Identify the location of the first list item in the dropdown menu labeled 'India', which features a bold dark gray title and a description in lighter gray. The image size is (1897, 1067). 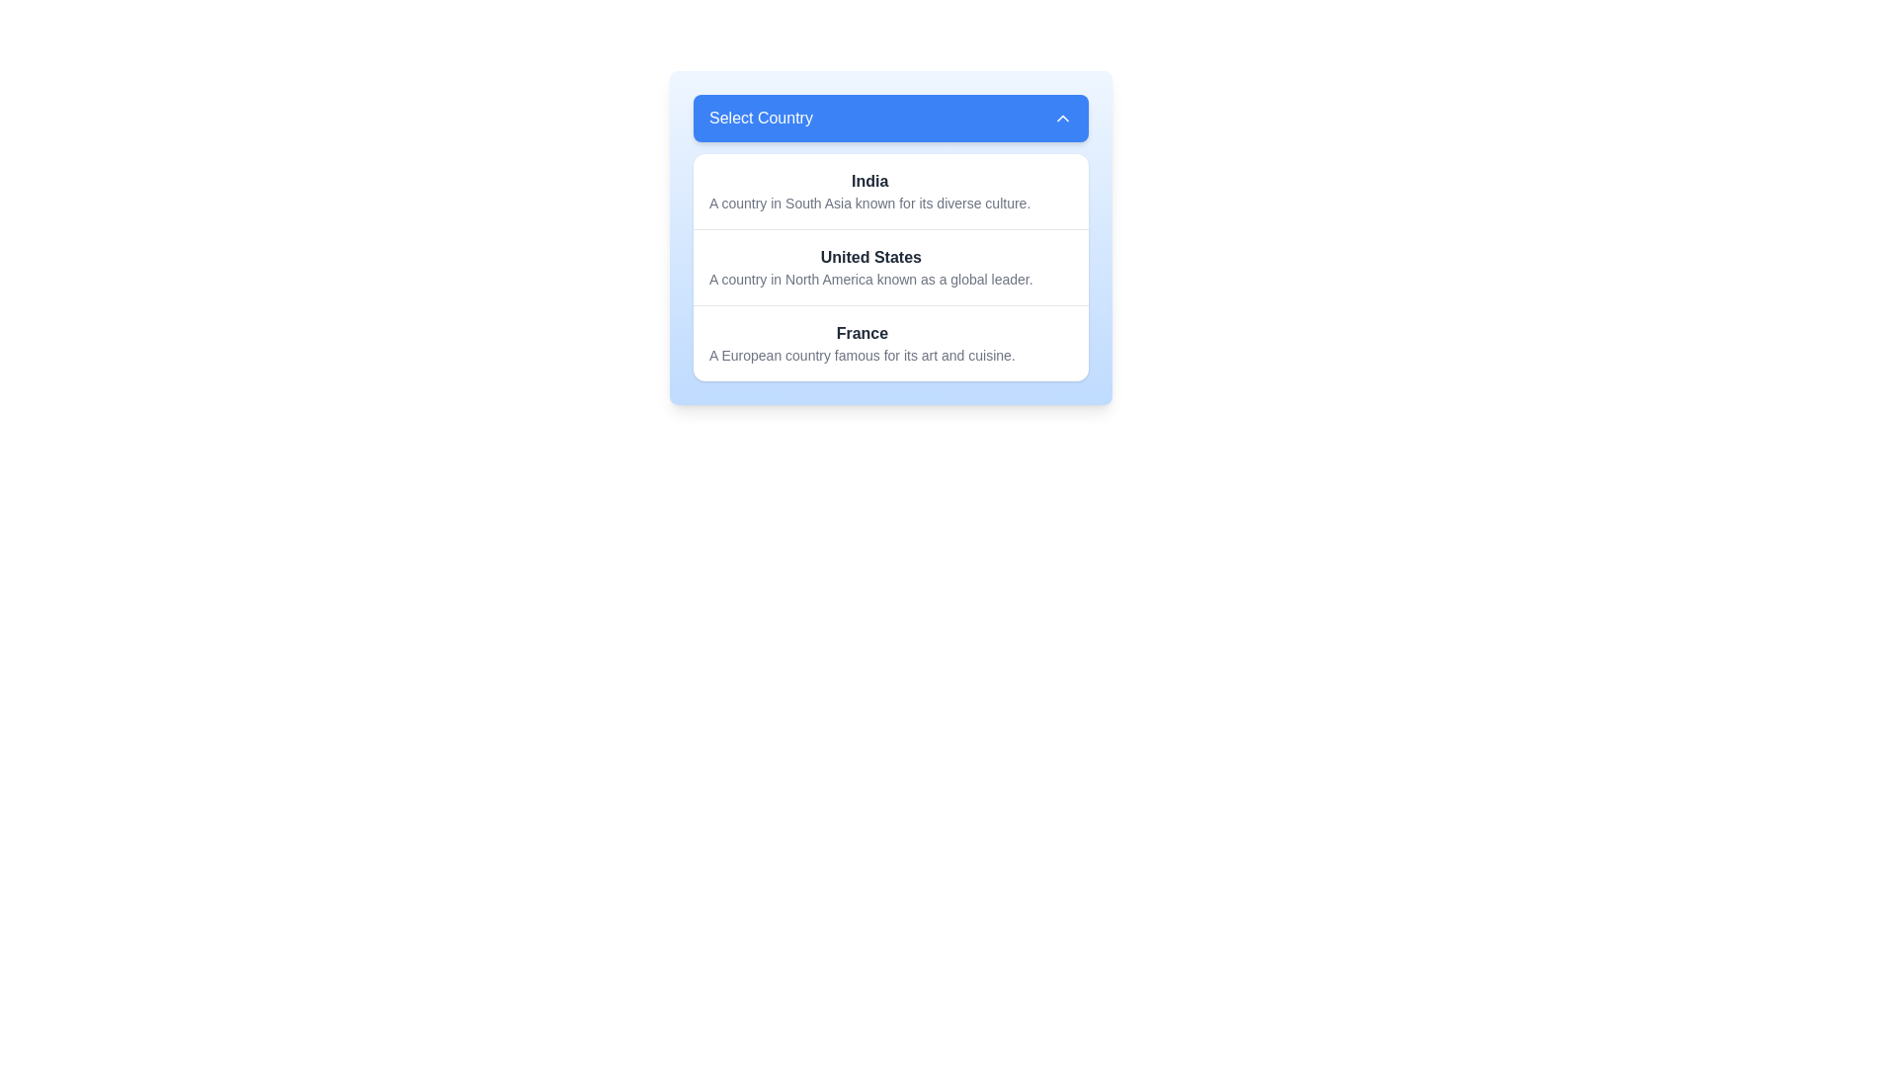
(869, 191).